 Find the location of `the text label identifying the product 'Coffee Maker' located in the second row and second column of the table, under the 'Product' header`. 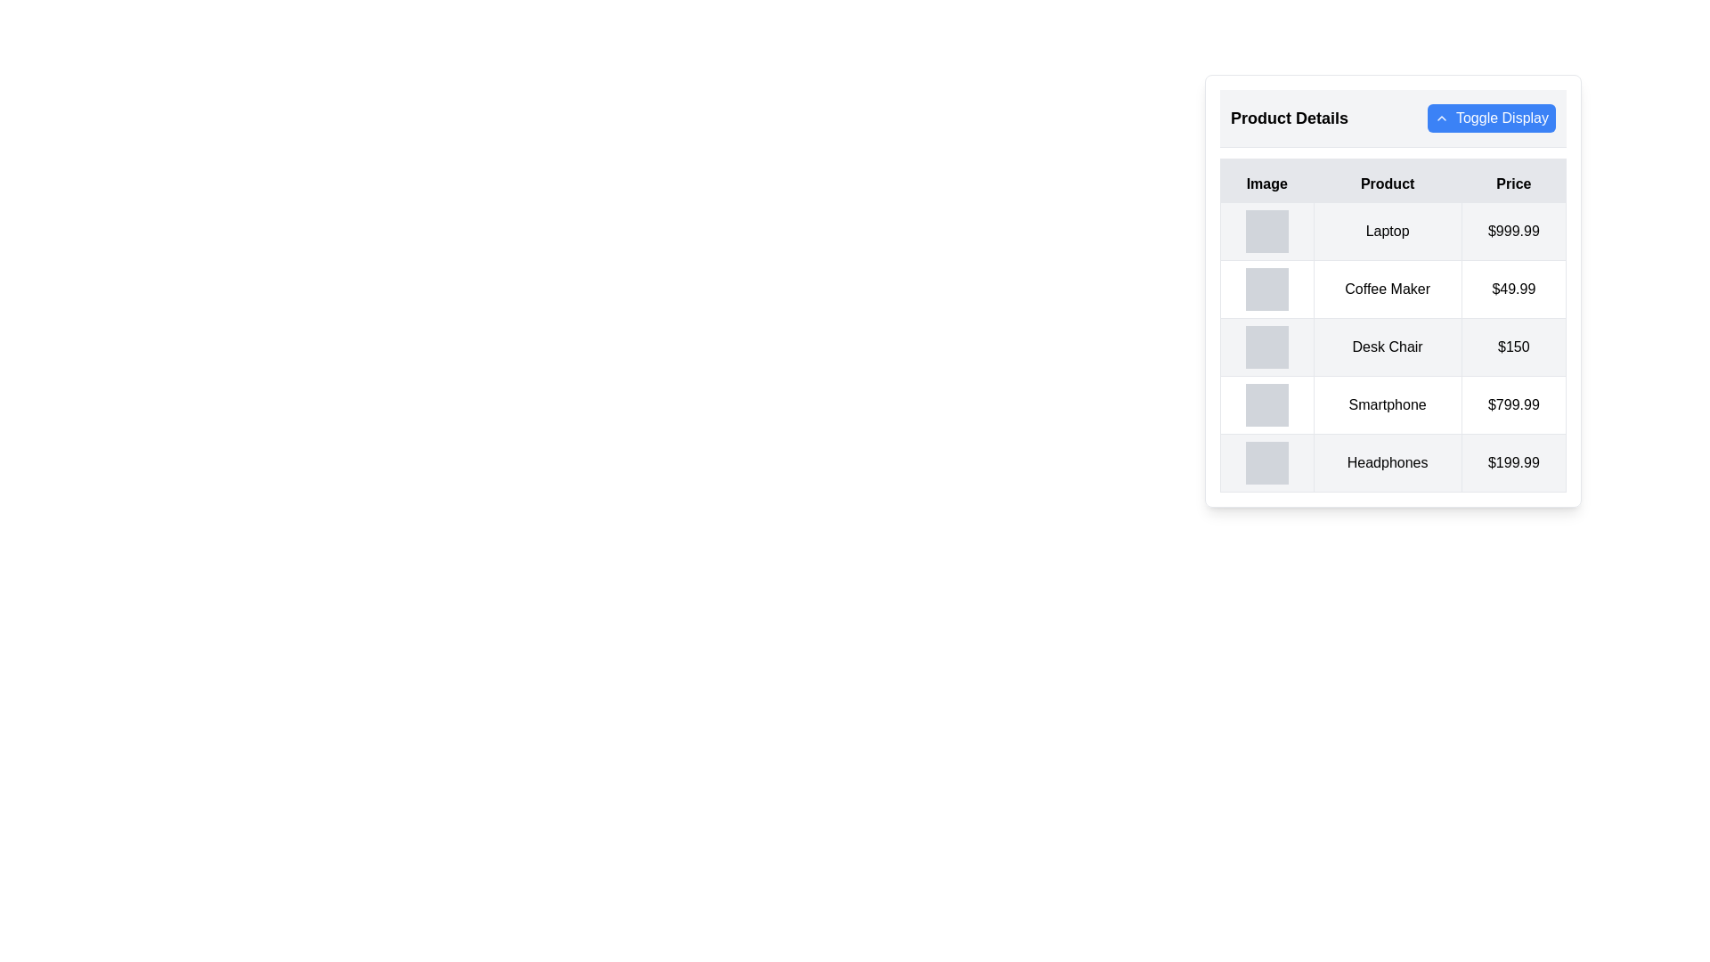

the text label identifying the product 'Coffee Maker' located in the second row and second column of the table, under the 'Product' header is located at coordinates (1387, 288).